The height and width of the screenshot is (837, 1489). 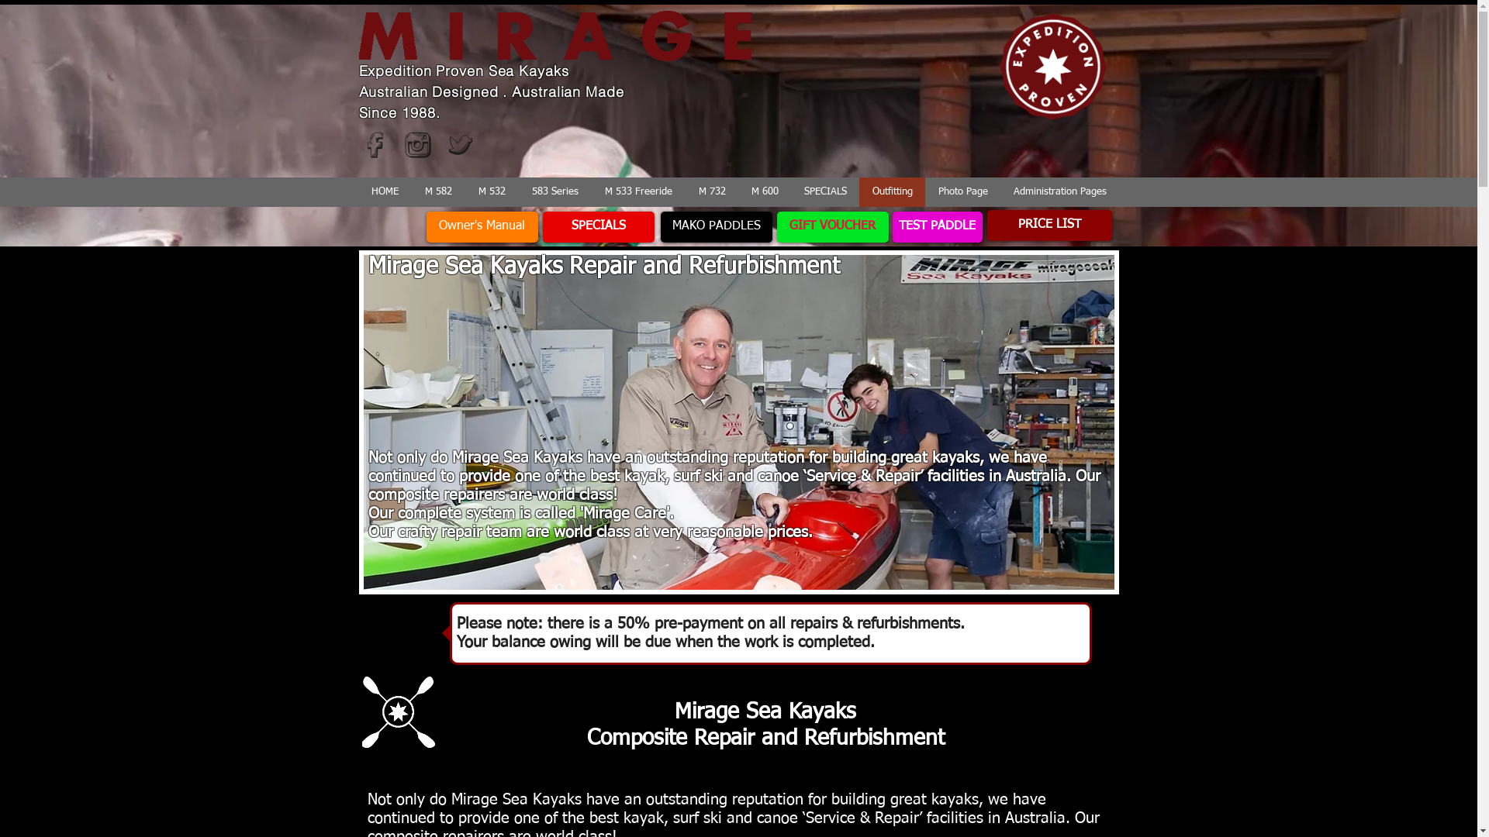 I want to click on 'Administration Pages', so click(x=1000, y=191).